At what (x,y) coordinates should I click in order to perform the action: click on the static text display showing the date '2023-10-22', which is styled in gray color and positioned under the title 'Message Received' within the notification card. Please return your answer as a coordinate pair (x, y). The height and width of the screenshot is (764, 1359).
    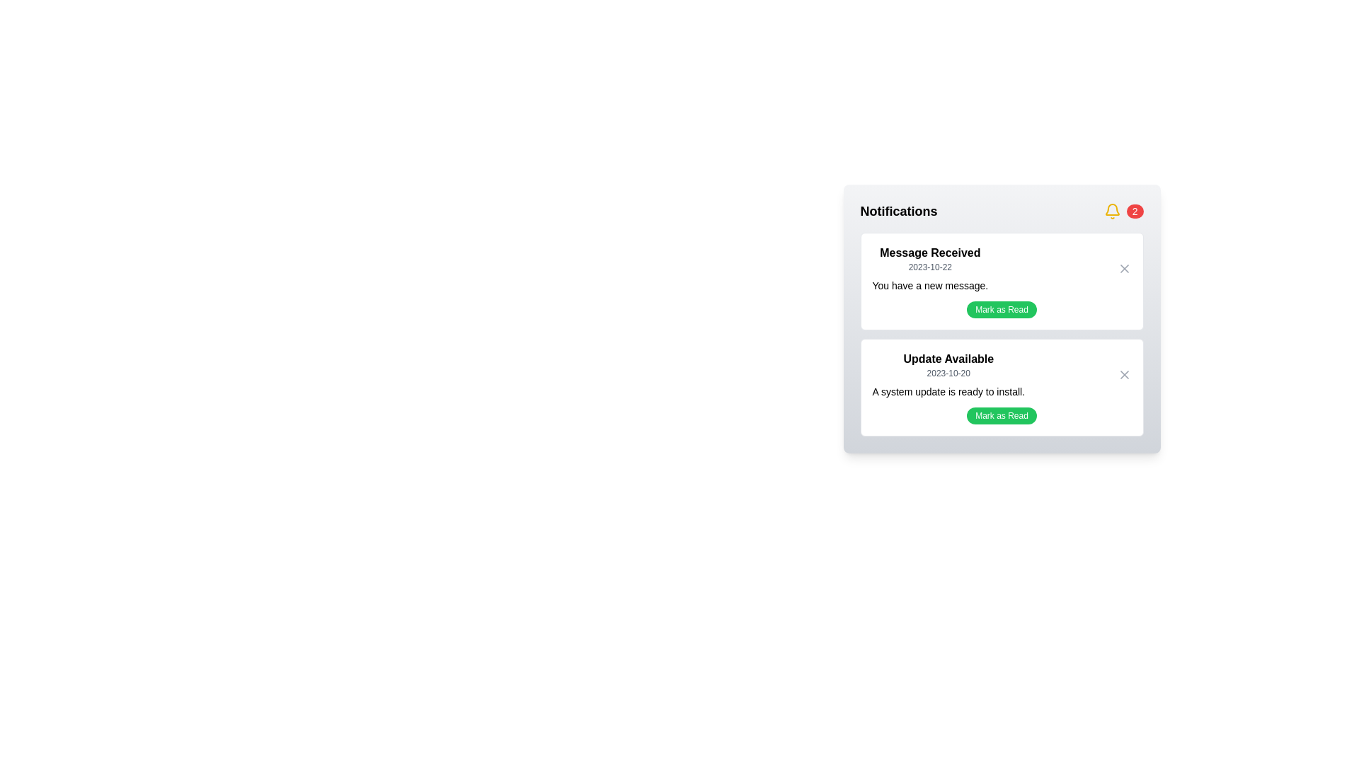
    Looking at the image, I should click on (930, 267).